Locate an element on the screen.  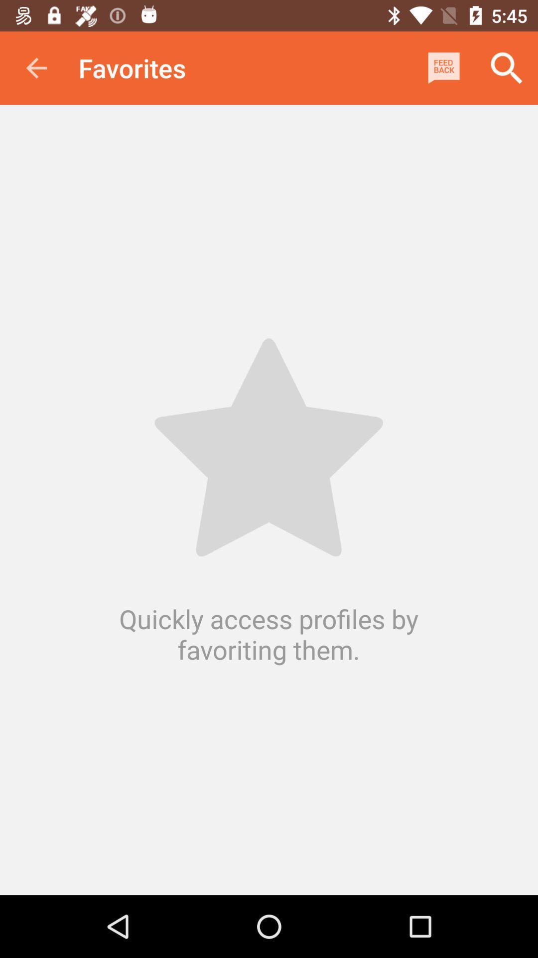
the item next to favorites icon is located at coordinates (443, 67).